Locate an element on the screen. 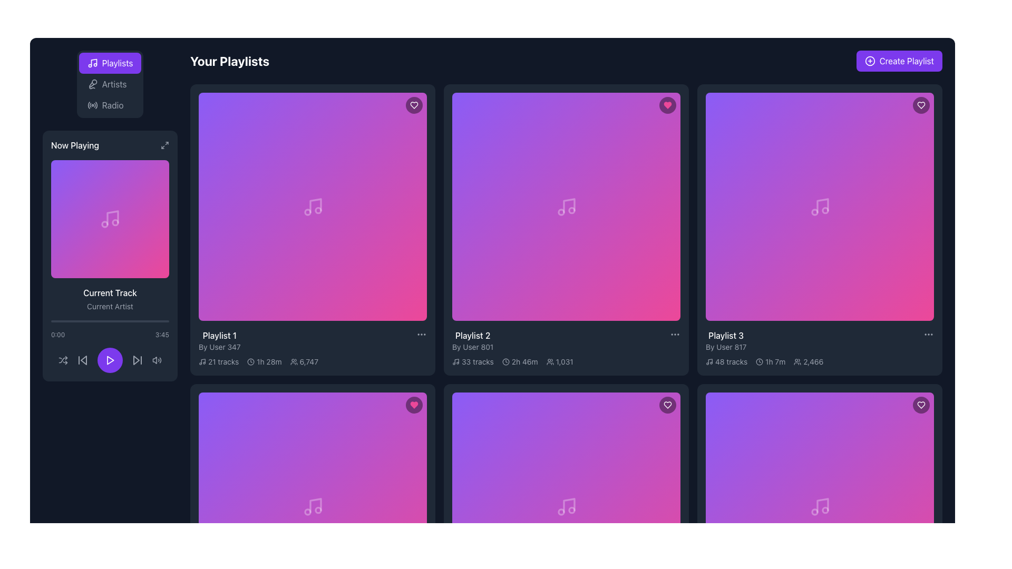  the text element displaying the number of users or listeners associated with the second playlist card from the left in the top row, located to the right of the user icon is located at coordinates (564, 361).